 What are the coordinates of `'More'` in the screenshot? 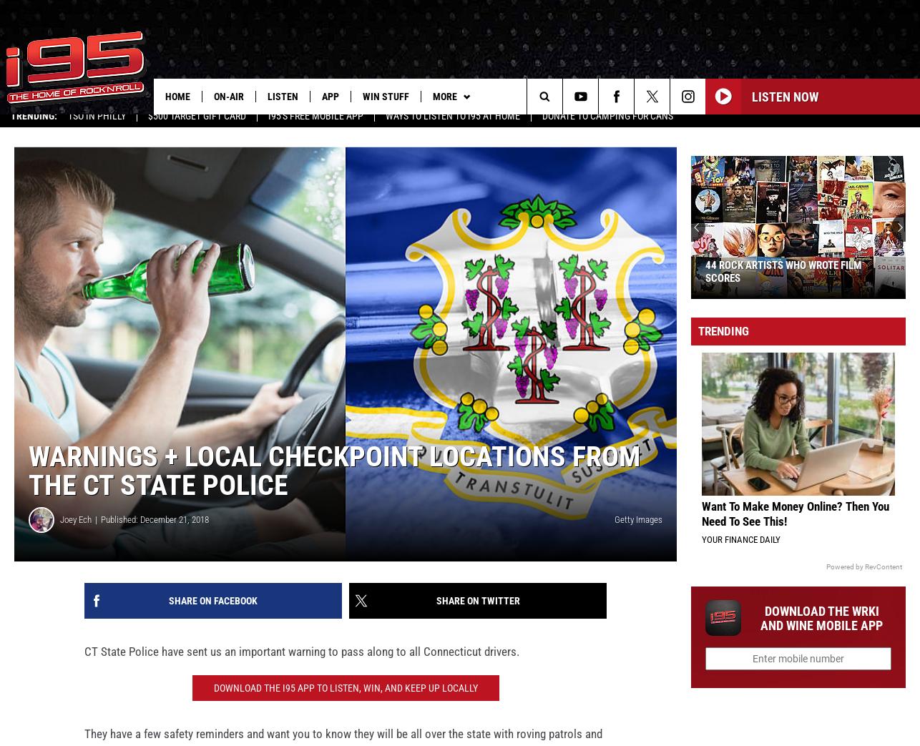 It's located at (444, 96).